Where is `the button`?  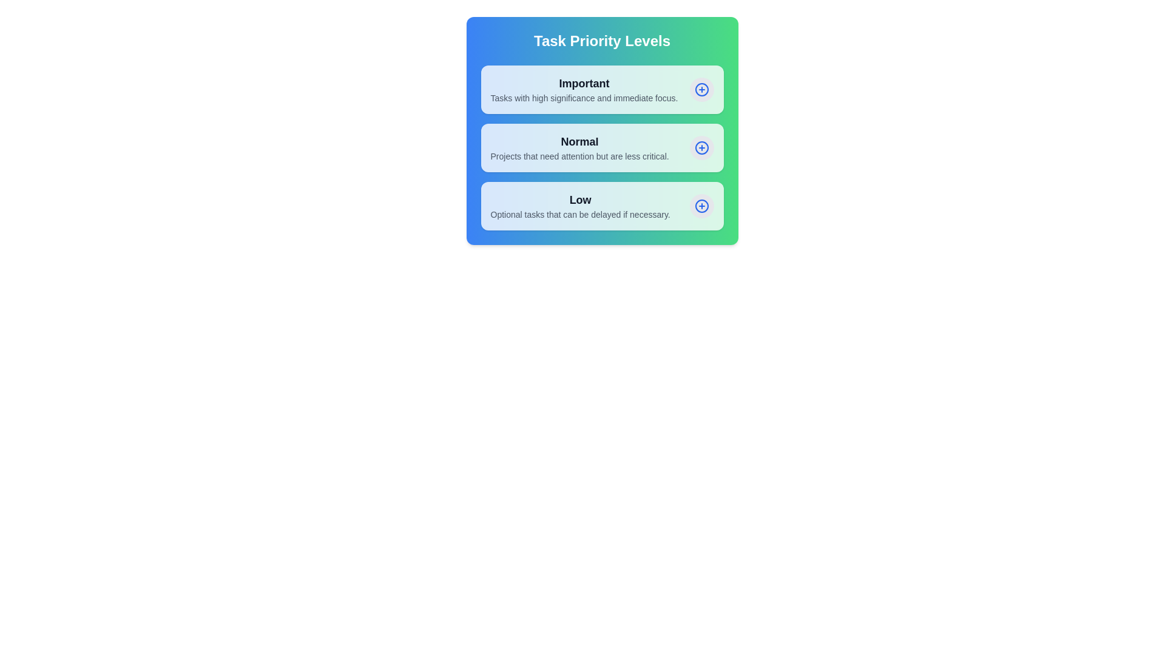 the button is located at coordinates (701, 147).